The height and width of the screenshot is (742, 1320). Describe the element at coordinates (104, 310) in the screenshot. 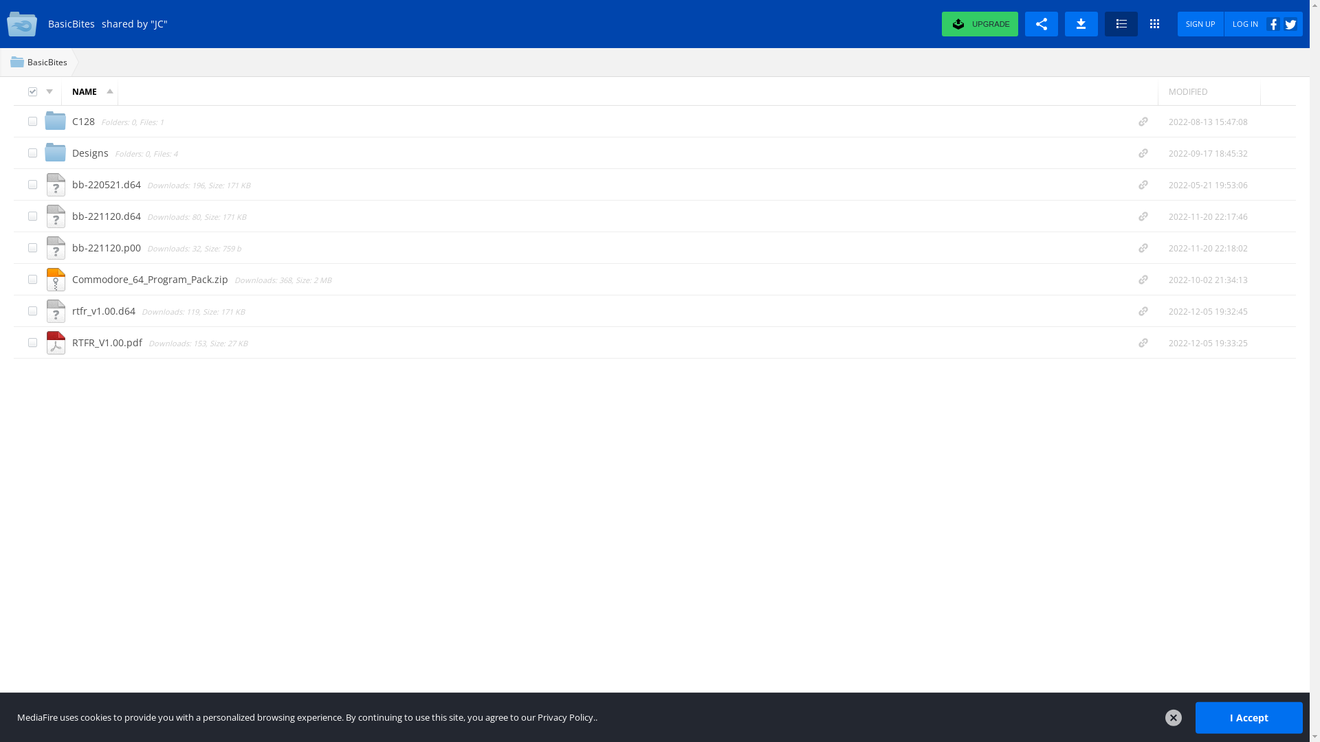

I see `'rtfr_v1.00.d64'` at that location.